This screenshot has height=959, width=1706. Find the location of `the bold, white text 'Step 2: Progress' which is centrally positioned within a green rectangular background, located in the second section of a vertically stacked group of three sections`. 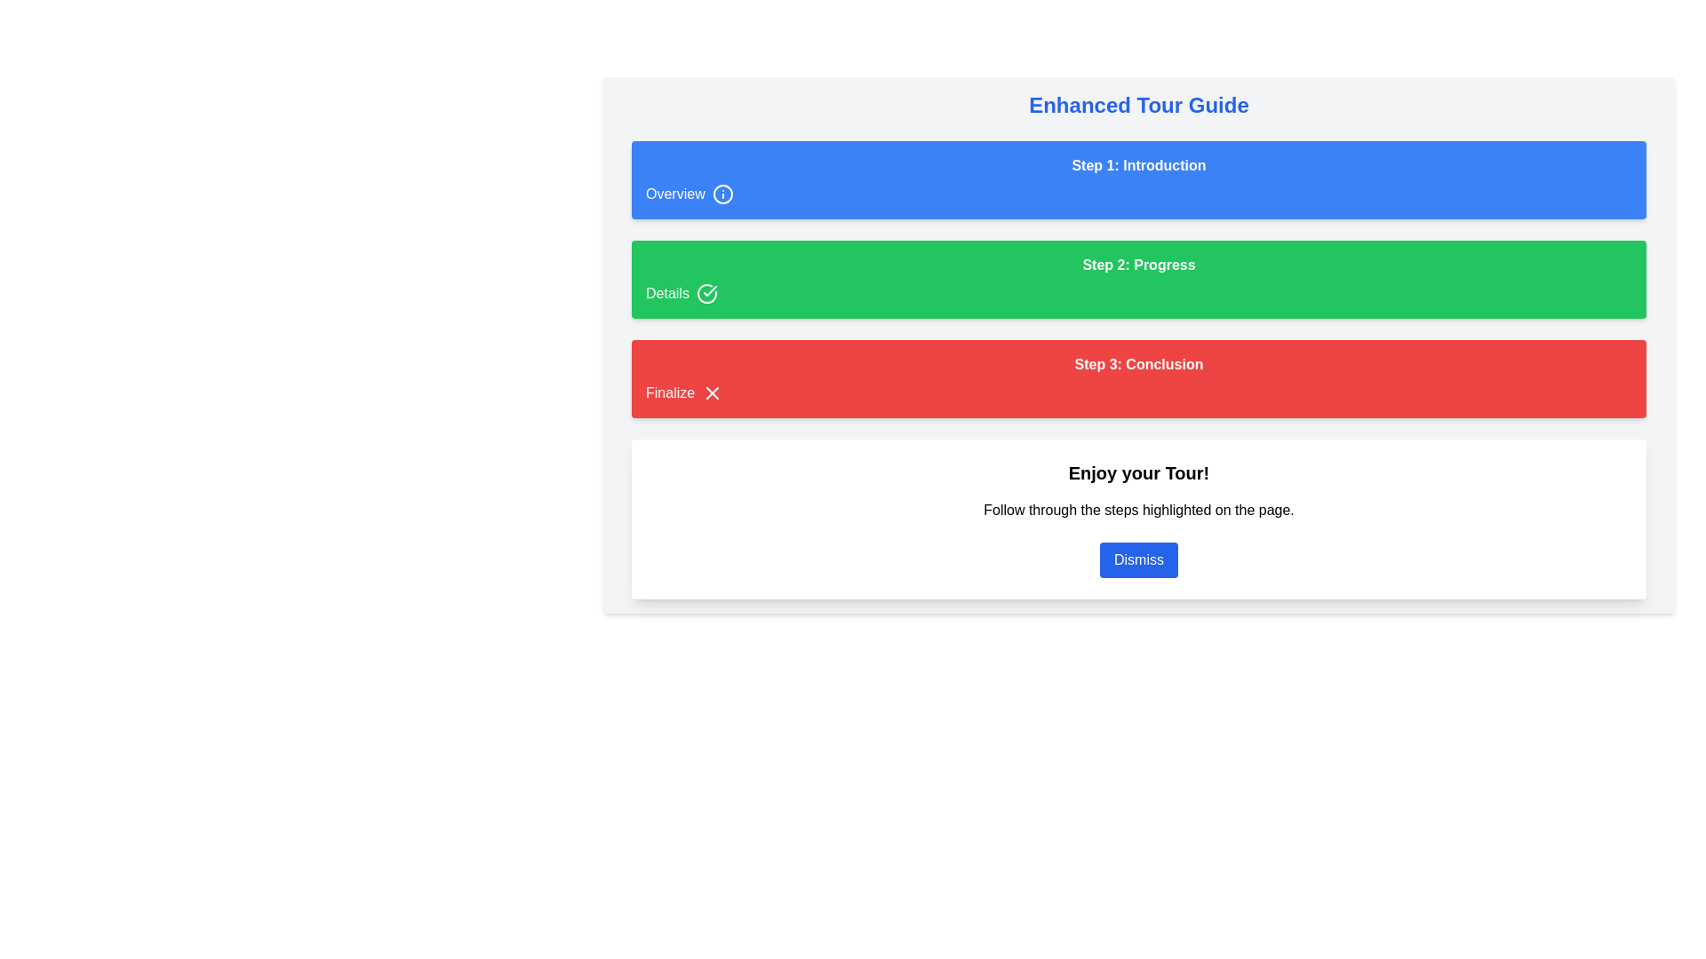

the bold, white text 'Step 2: Progress' which is centrally positioned within a green rectangular background, located in the second section of a vertically stacked group of three sections is located at coordinates (1138, 266).